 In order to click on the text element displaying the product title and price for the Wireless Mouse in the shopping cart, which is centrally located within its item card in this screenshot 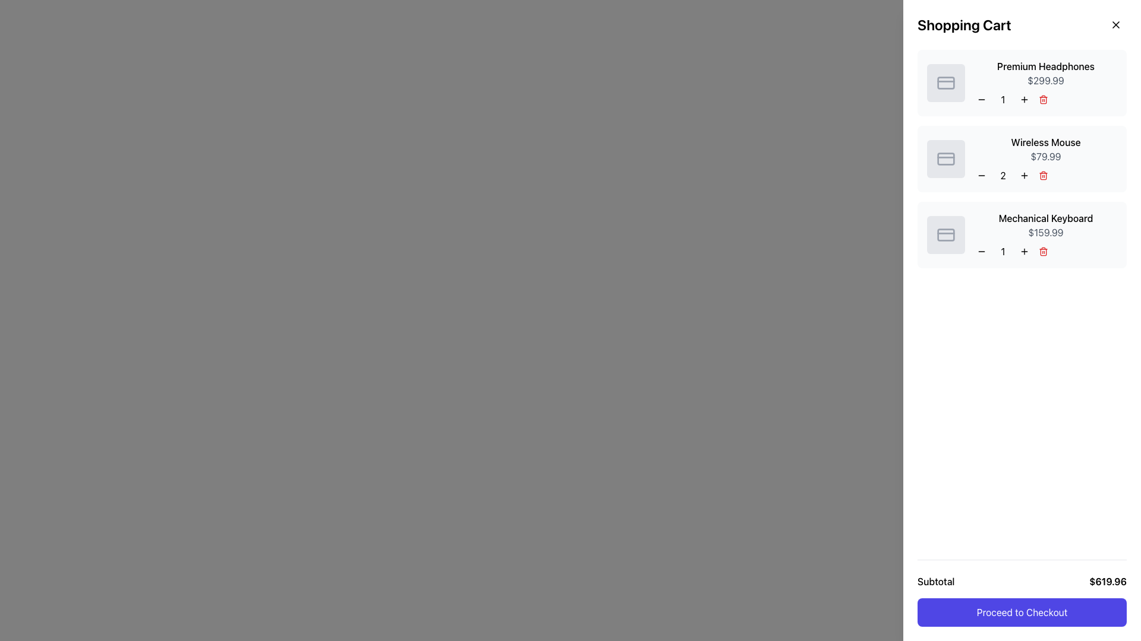, I will do `click(1046, 158)`.